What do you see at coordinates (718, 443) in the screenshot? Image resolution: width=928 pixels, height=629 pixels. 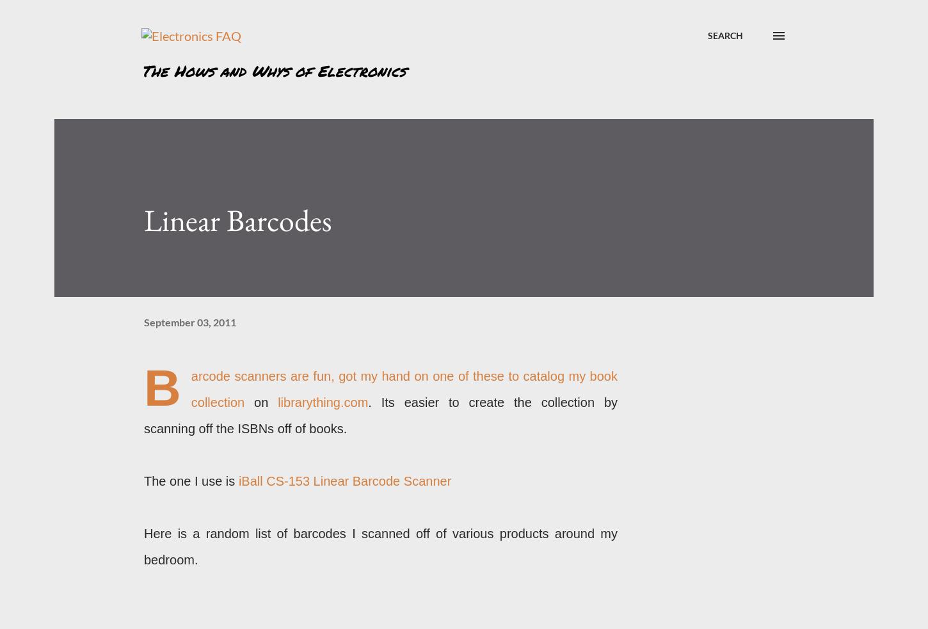 I see `'Under the hood'` at bounding box center [718, 443].